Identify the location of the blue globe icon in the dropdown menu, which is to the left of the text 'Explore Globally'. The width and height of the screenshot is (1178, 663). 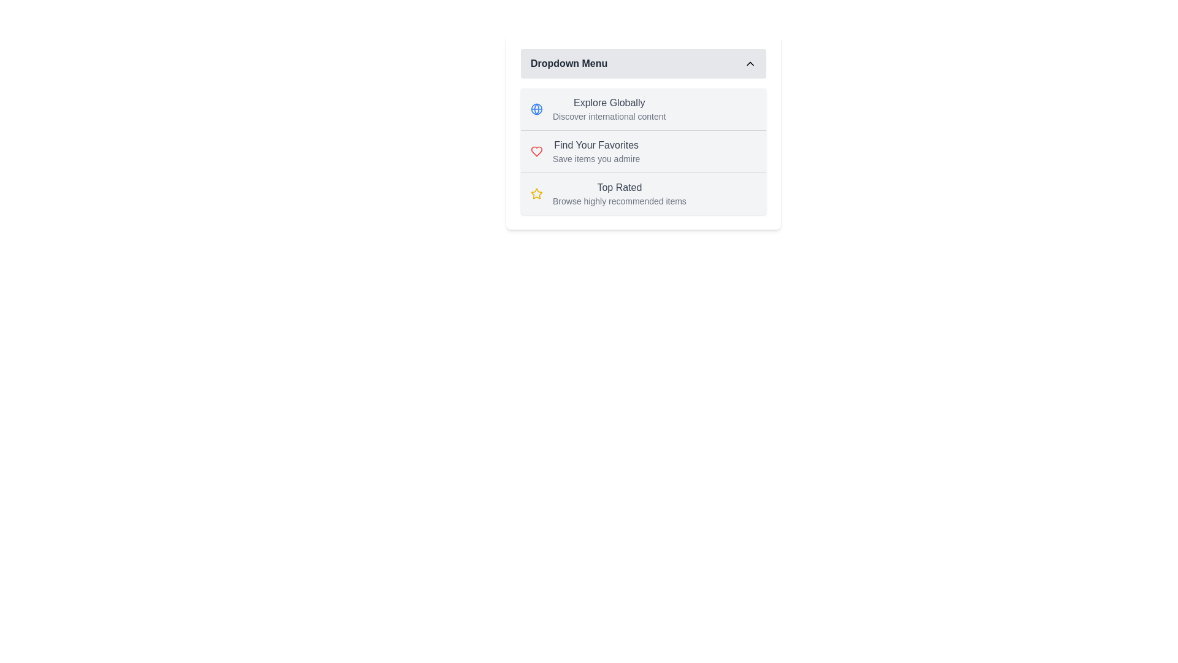
(536, 108).